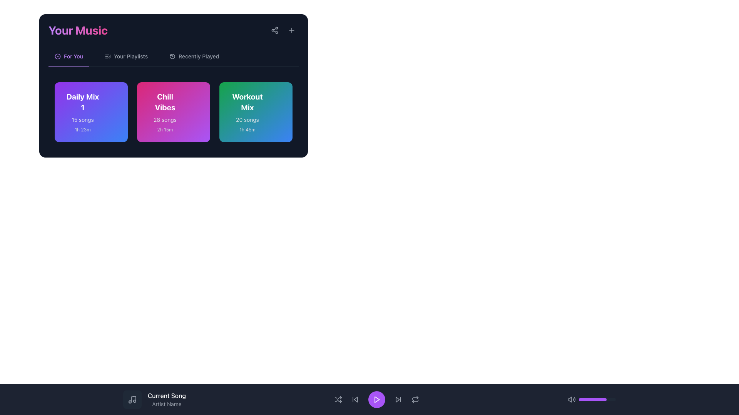 This screenshot has width=739, height=415. What do you see at coordinates (110, 99) in the screenshot?
I see `the circular play button with a translucent background located in the upper right corner of the 'Daily Mix 1' card in the 'Your Music' section to play the playlist` at bounding box center [110, 99].